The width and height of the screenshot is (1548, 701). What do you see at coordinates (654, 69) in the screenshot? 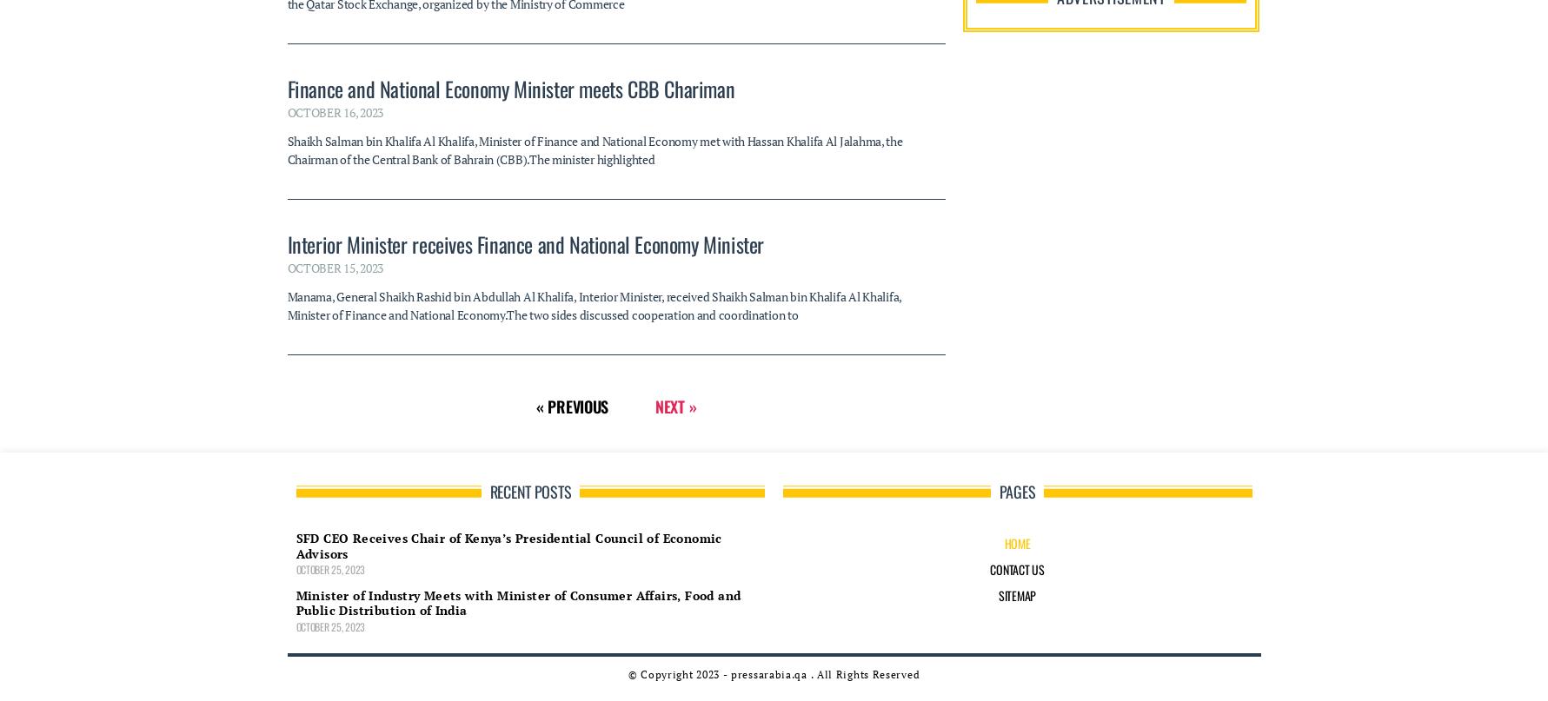
I see `'Next »'` at bounding box center [654, 69].